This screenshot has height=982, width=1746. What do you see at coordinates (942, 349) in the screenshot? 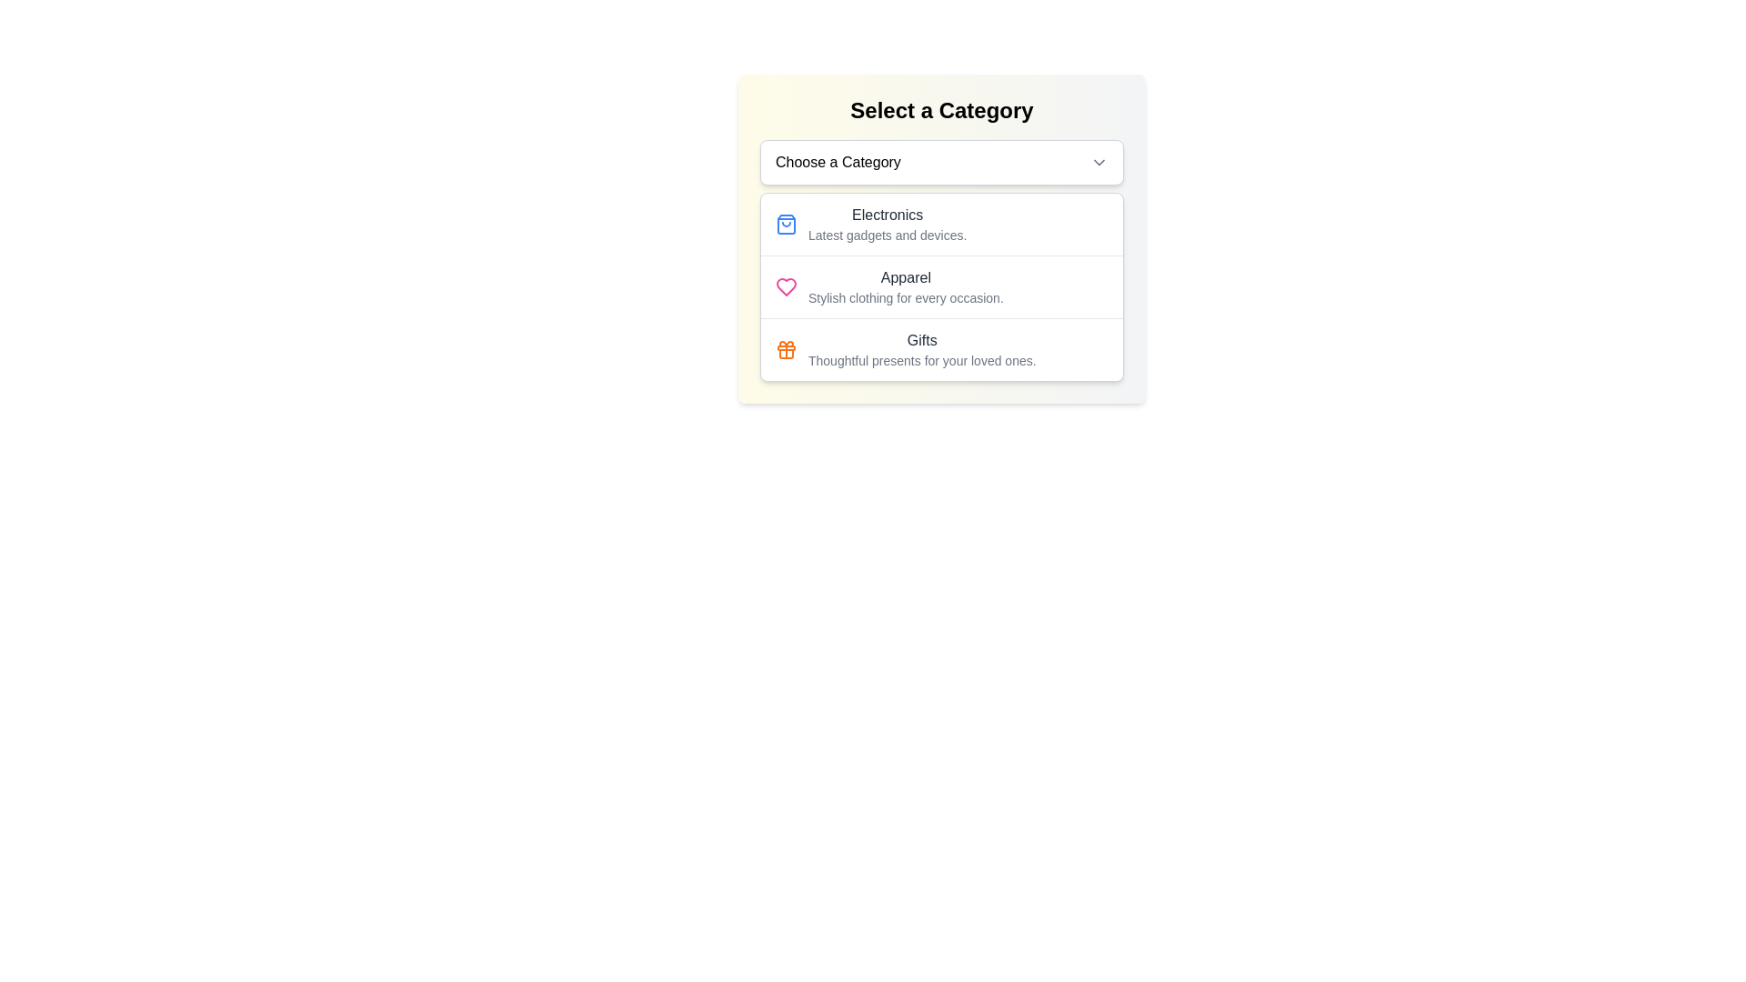
I see `the 'Gifts' menu option in the dropdown menu labeled 'Select a Category'` at bounding box center [942, 349].